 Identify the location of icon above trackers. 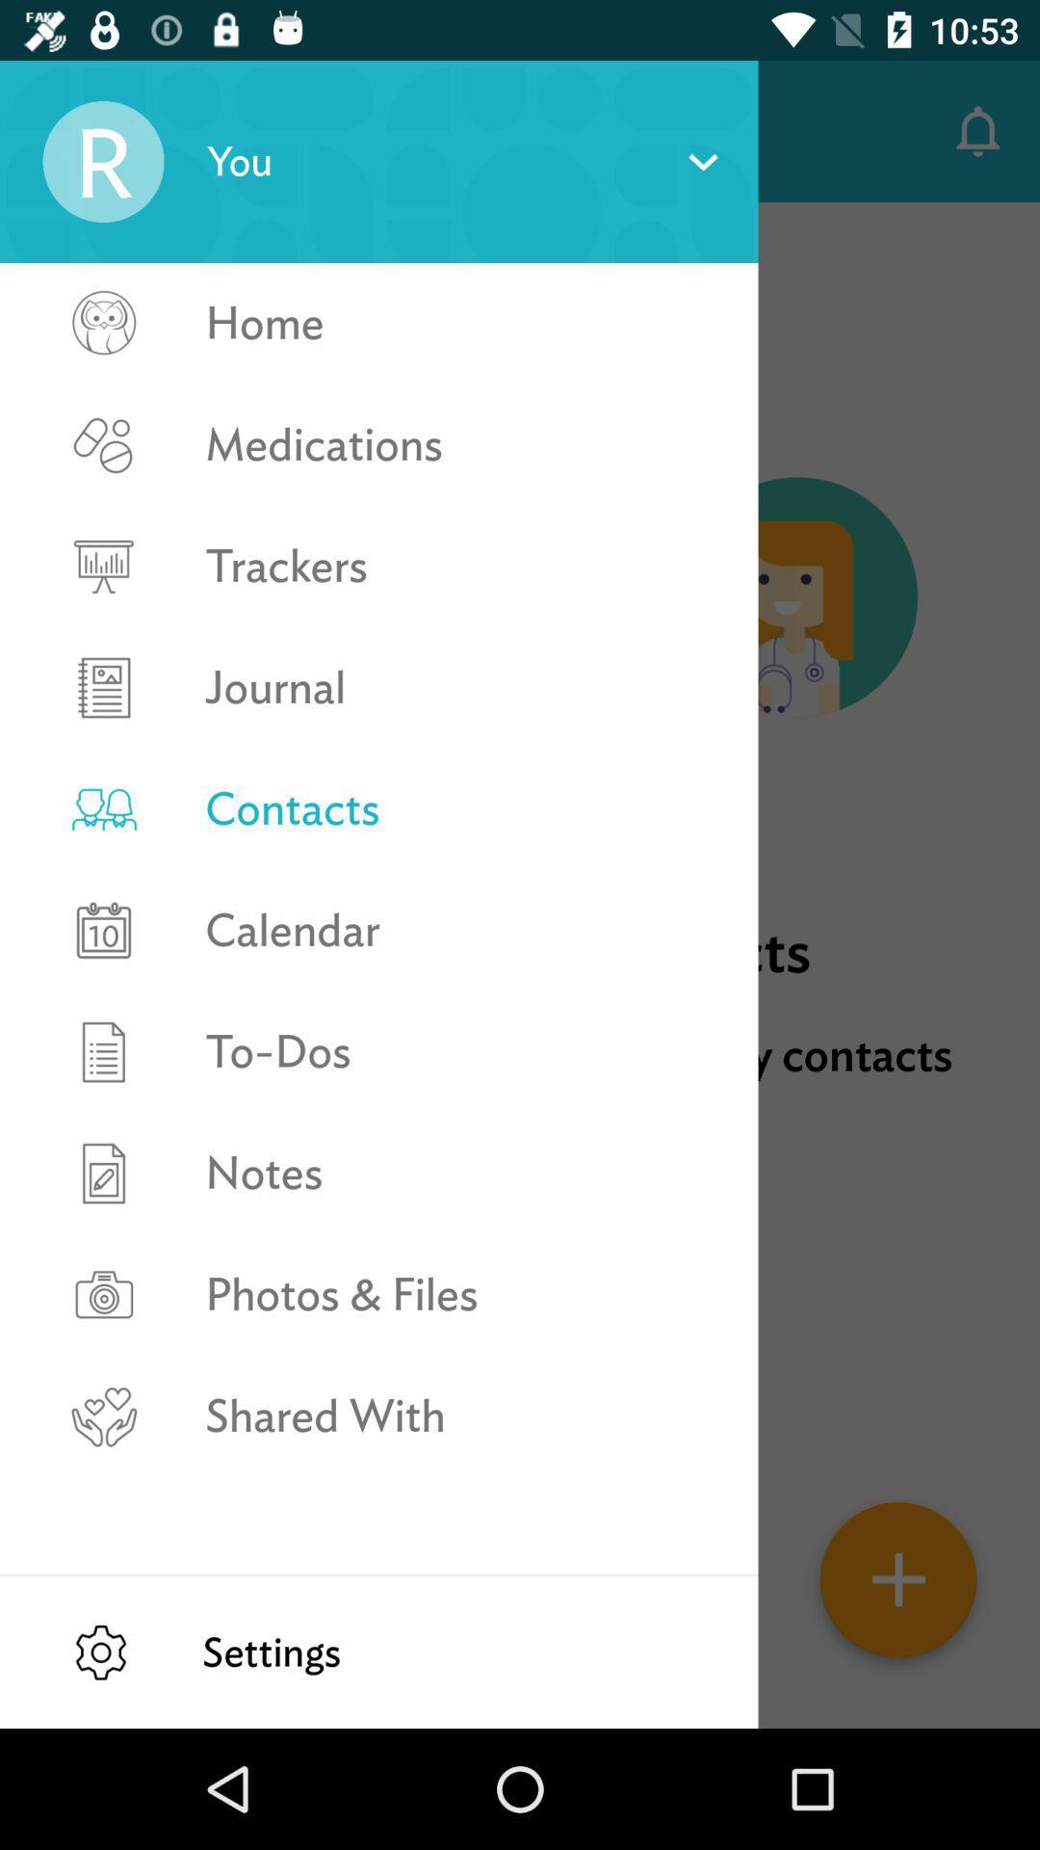
(461, 443).